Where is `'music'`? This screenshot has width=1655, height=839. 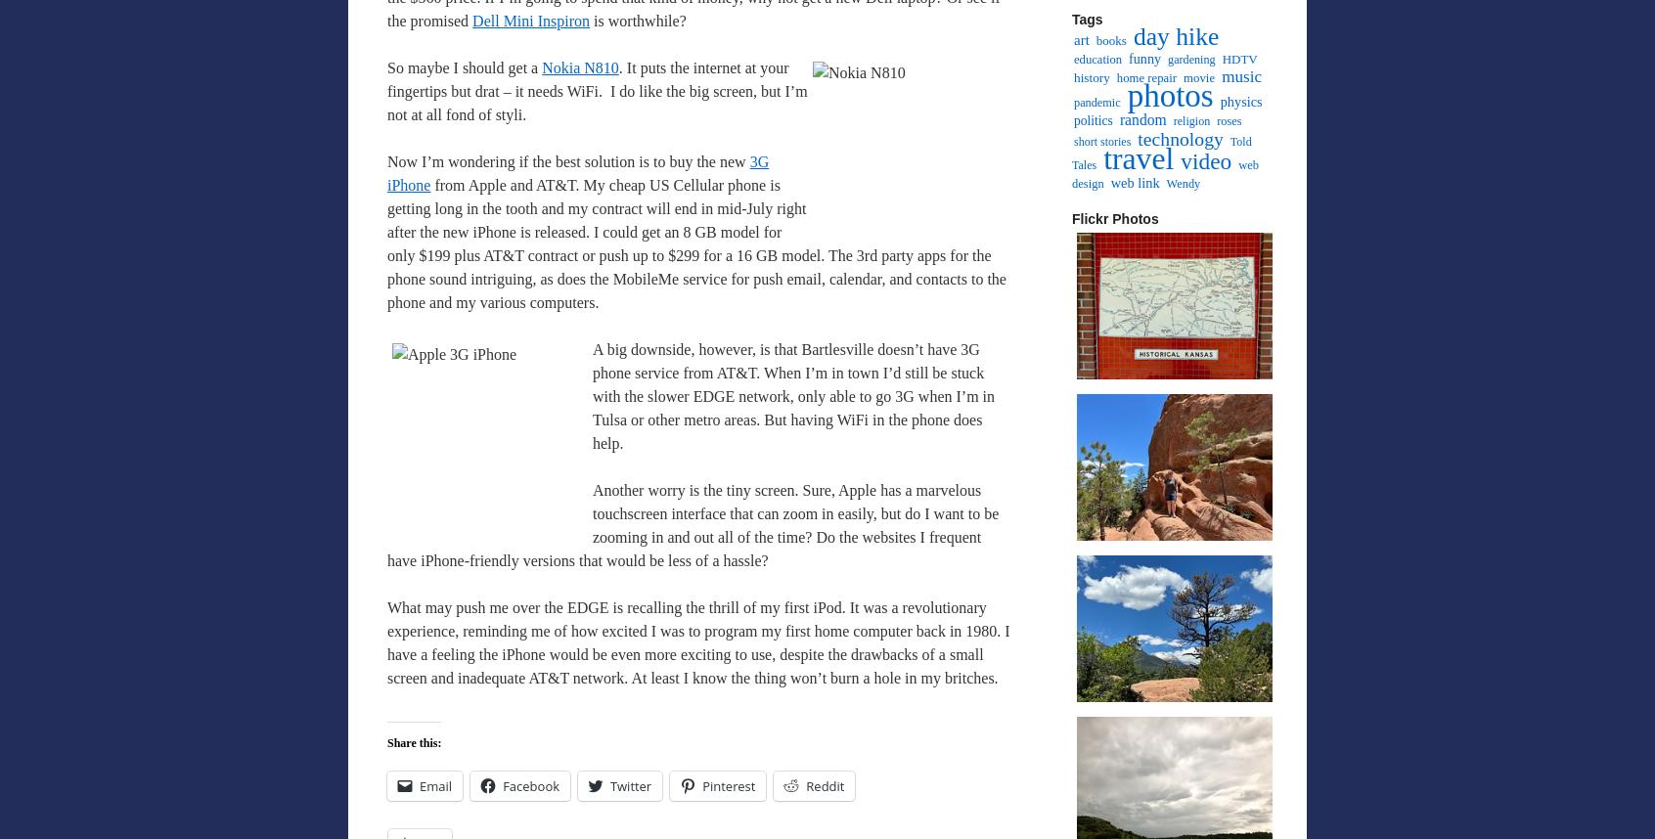 'music' is located at coordinates (1222, 75).